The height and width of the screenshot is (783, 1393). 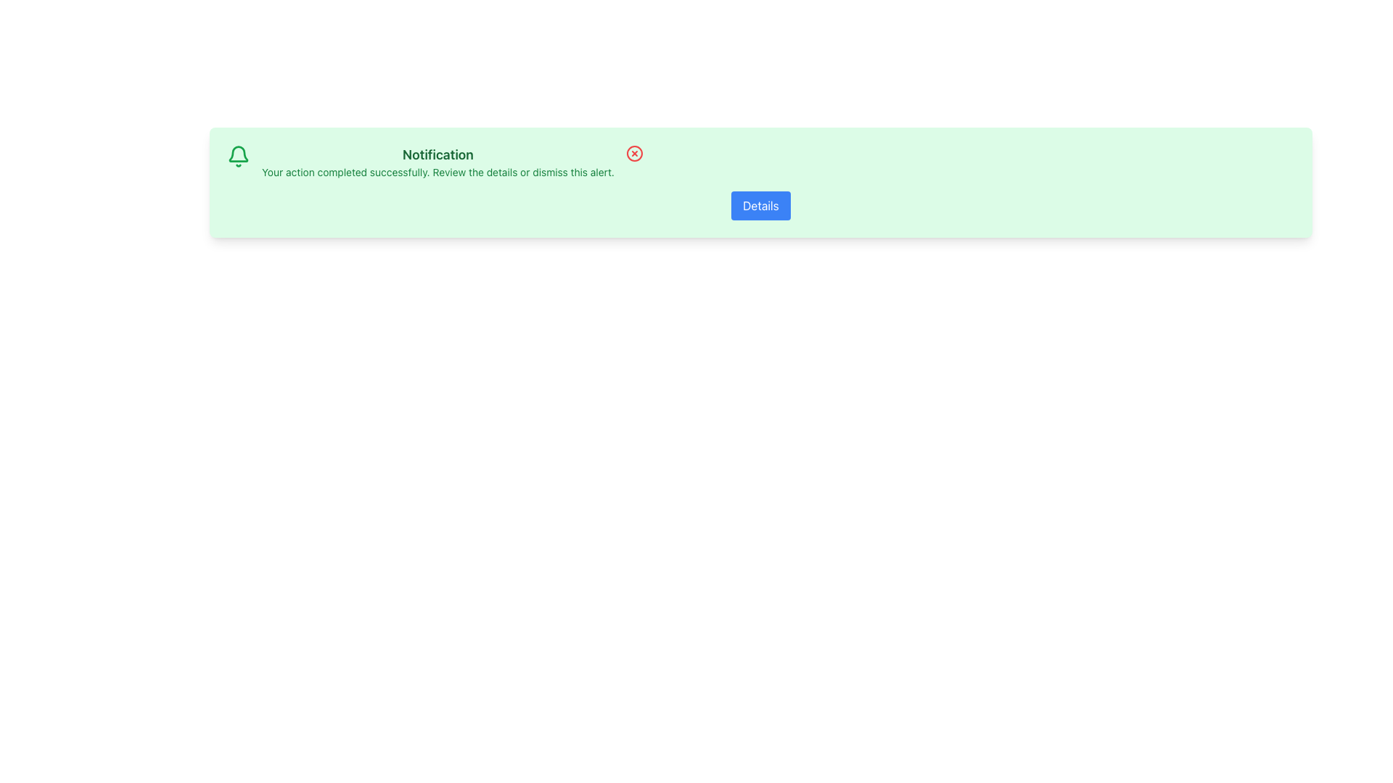 What do you see at coordinates (239, 157) in the screenshot?
I see `the green outlined bell icon located to the left of the notification content in the green-themed notification banner` at bounding box center [239, 157].